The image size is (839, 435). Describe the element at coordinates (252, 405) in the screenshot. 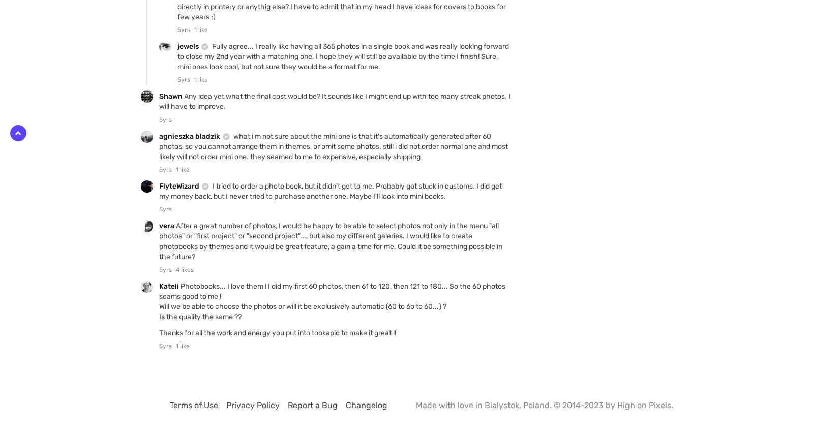

I see `'Privacy Policy'` at that location.